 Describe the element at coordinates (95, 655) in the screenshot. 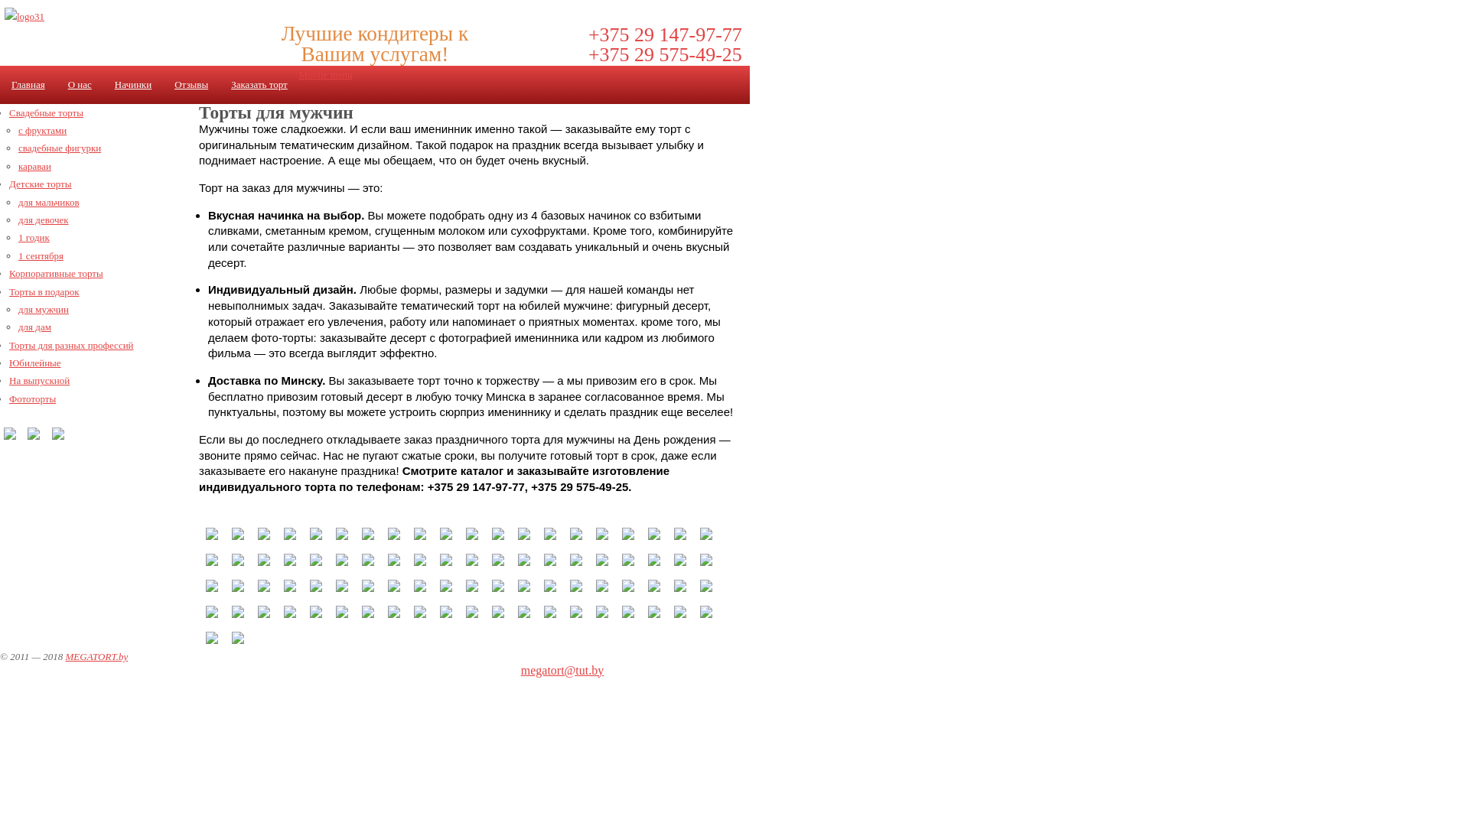

I see `'MEGATORT.by'` at that location.